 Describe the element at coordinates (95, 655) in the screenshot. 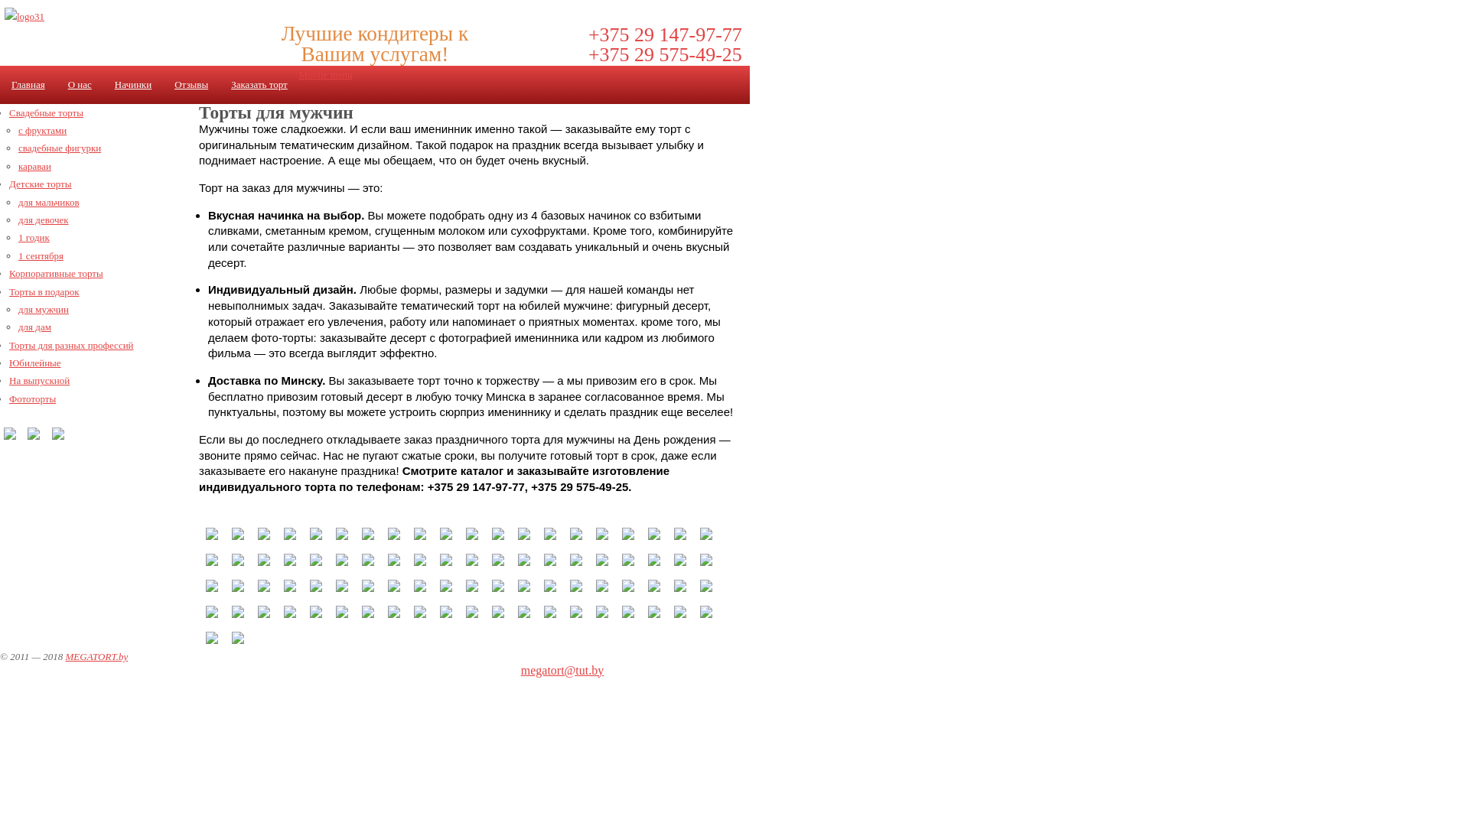

I see `'MEGATORT.by'` at that location.